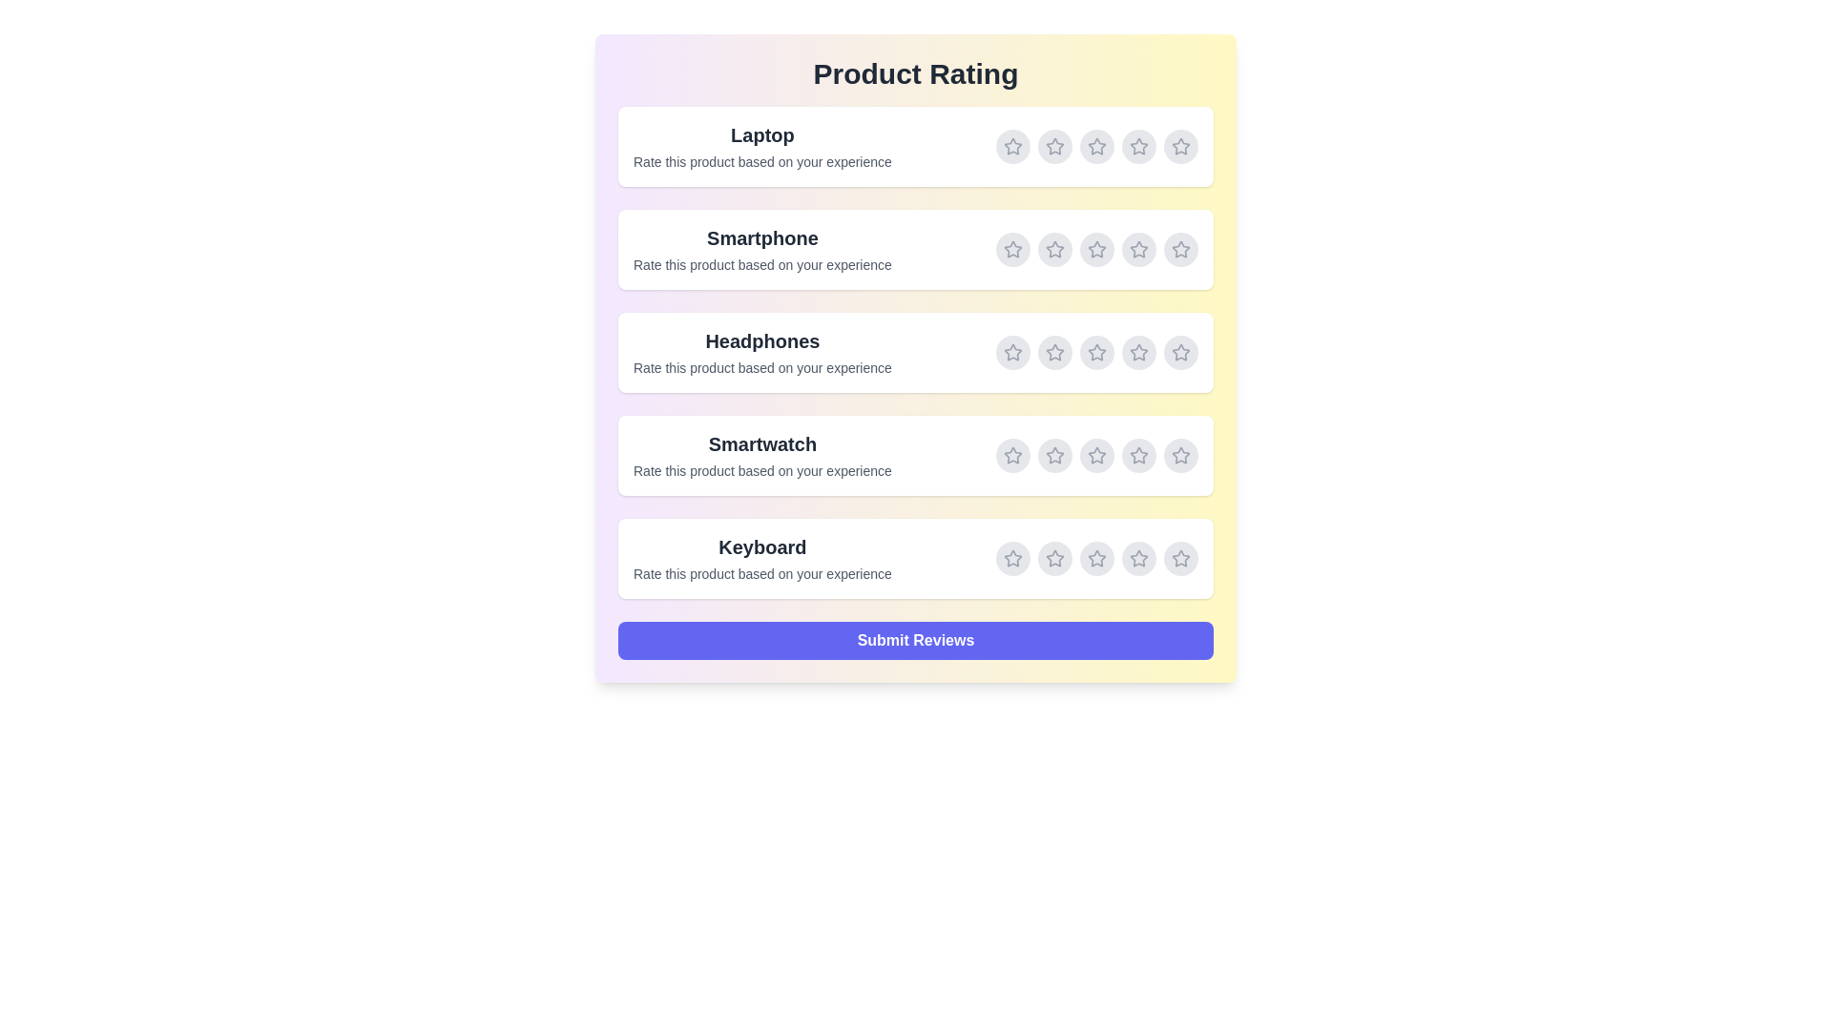  I want to click on the rating for Smartphone to 4 stars, so click(1139, 249).